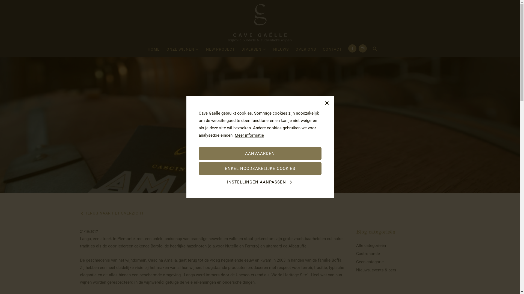 The image size is (524, 294). I want to click on 'NEW PROJECT', so click(220, 50).